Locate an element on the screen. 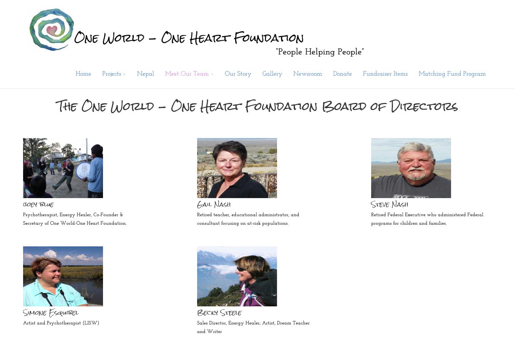  'Home' is located at coordinates (83, 73).